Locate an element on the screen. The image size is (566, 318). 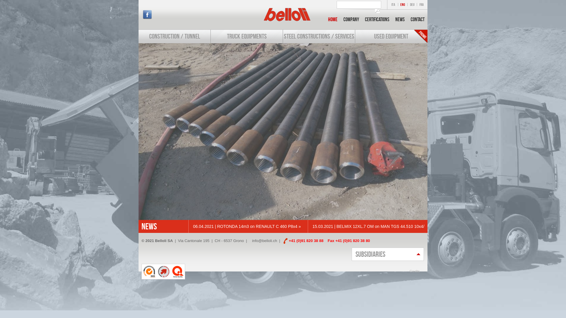
'FRA' is located at coordinates (421, 4).